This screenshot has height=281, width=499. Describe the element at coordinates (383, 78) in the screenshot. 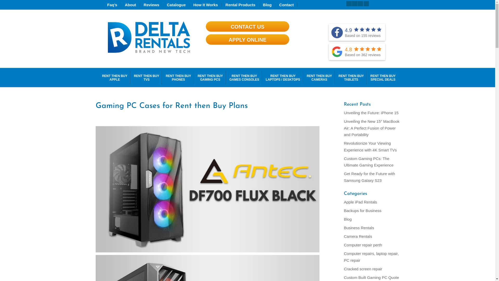

I see `'RENT THEN BUY` at that location.